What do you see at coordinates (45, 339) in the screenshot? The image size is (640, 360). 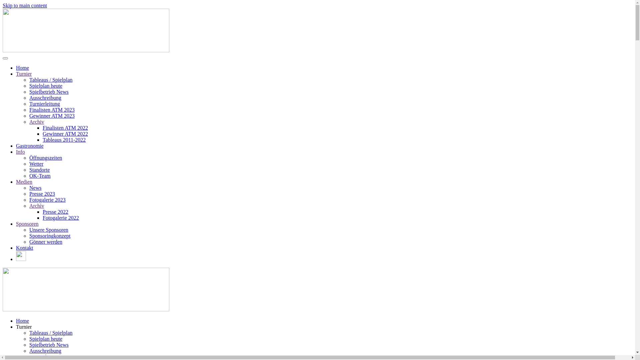 I see `'Spielplan heute'` at bounding box center [45, 339].